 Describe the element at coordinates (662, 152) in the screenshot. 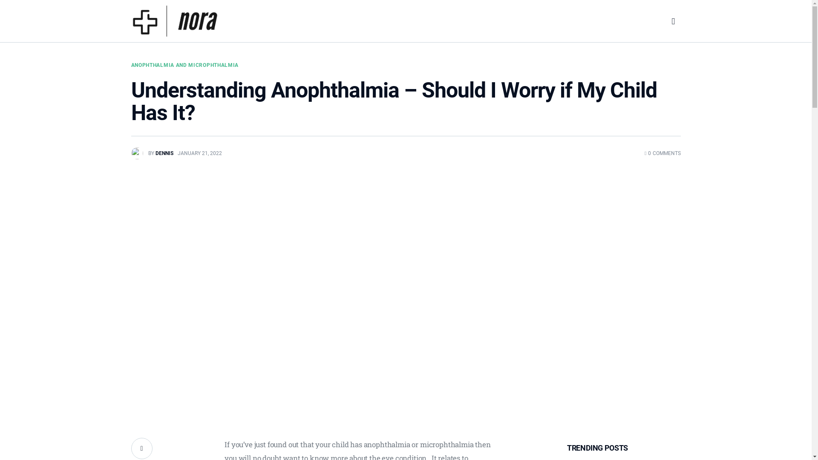

I see `'0COMMENTS'` at that location.